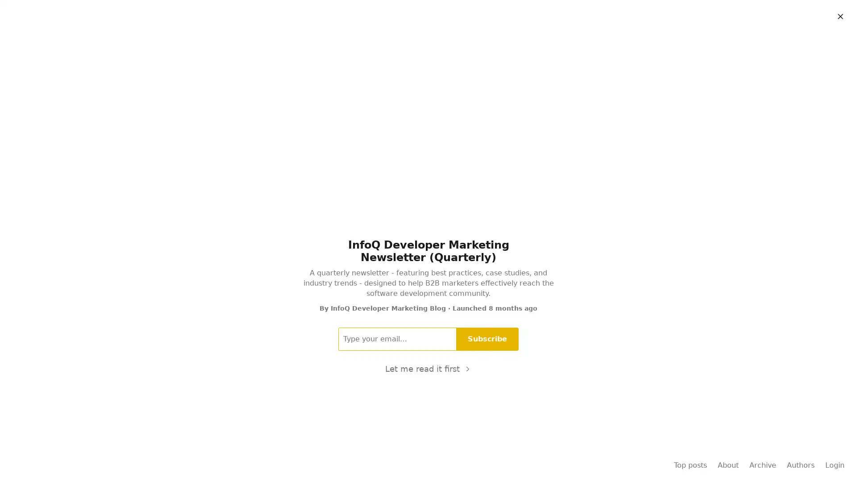 This screenshot has width=857, height=482. Describe the element at coordinates (404, 286) in the screenshot. I see `2` at that location.